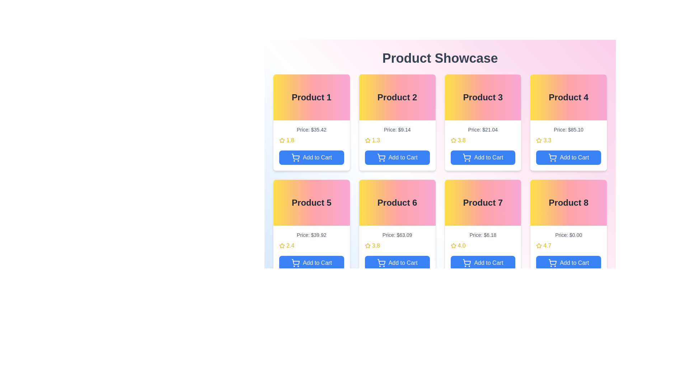 Image resolution: width=689 pixels, height=387 pixels. Describe the element at coordinates (453, 245) in the screenshot. I see `the golden star-shaped SVG icon located in the seventh product card, which is positioned near the numeric rating value at the bottom-left of the card` at that location.